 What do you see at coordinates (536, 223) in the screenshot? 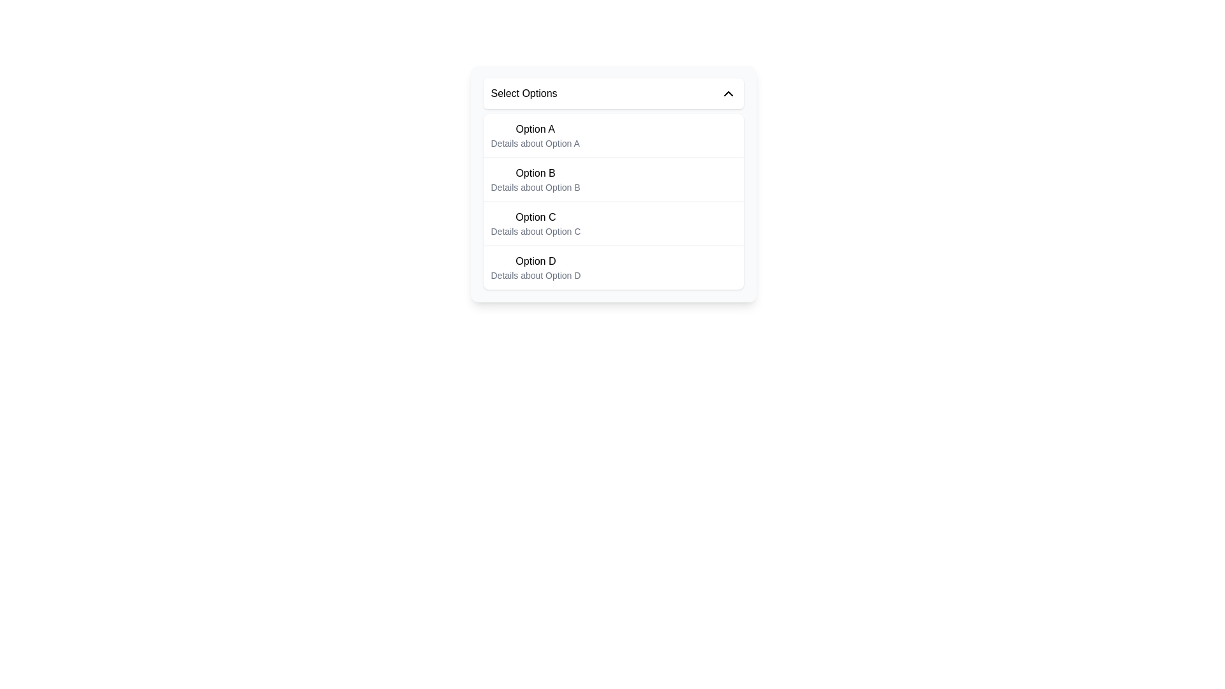
I see `the Dropdown option item for 'Option C'` at bounding box center [536, 223].